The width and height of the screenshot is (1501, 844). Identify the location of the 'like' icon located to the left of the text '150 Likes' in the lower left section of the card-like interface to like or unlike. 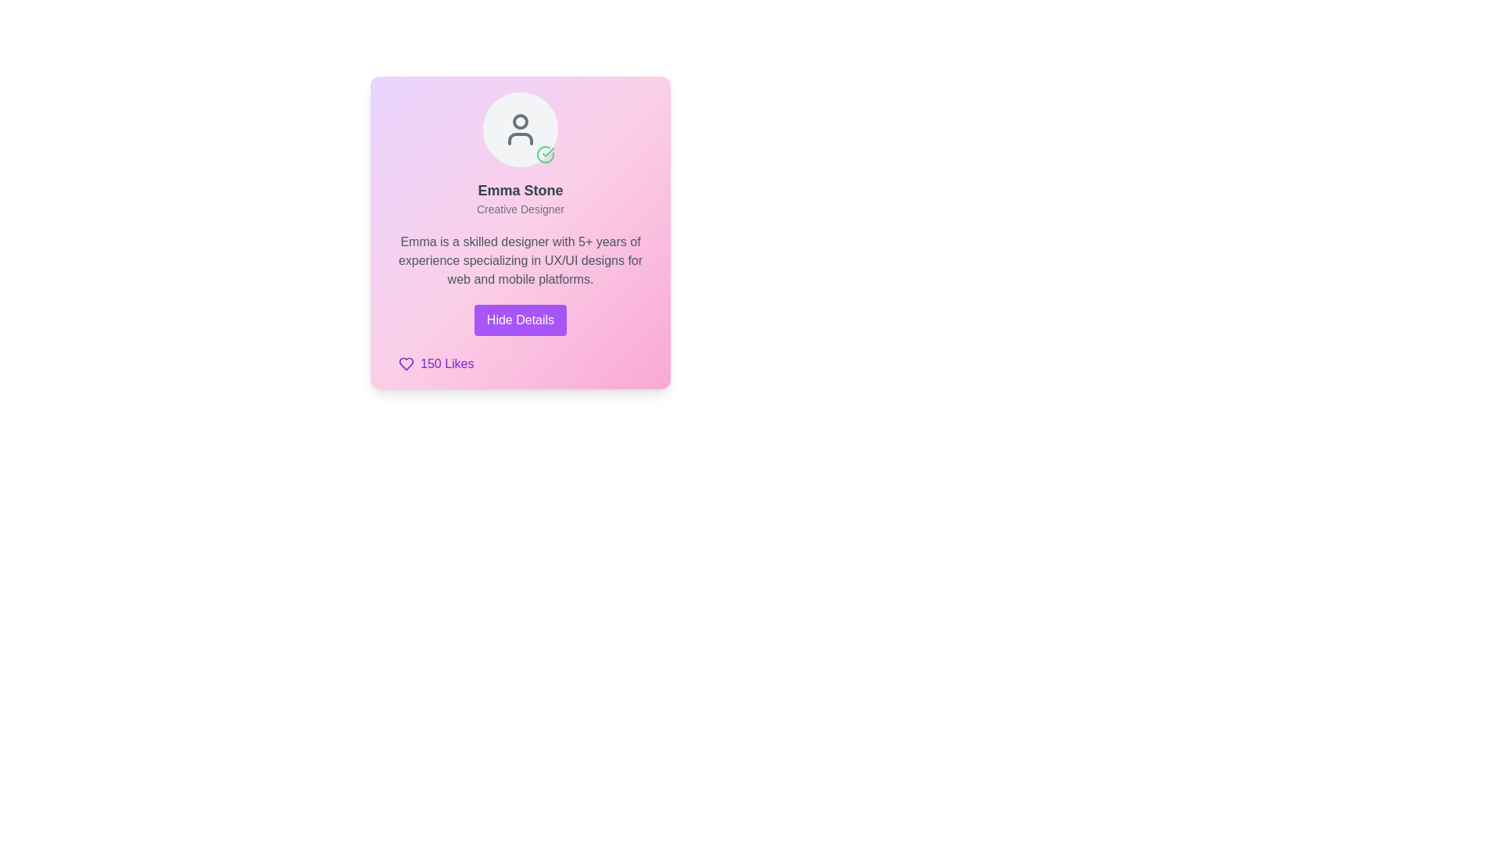
(406, 364).